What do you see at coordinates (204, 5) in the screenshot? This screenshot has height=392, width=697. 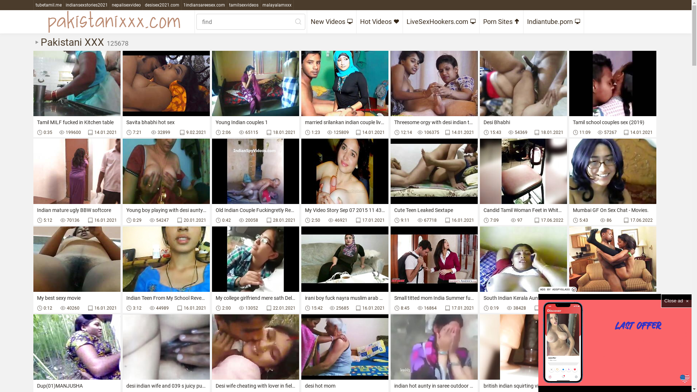 I see `'1indiansareesex.com'` at bounding box center [204, 5].